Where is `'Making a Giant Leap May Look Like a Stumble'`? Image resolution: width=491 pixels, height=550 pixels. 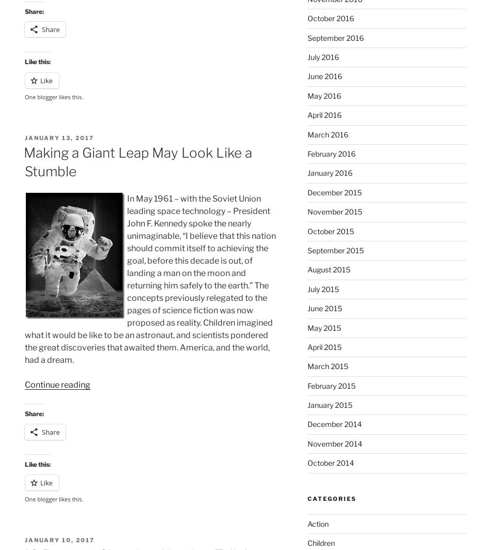 'Making a Giant Leap May Look Like a Stumble' is located at coordinates (137, 162).